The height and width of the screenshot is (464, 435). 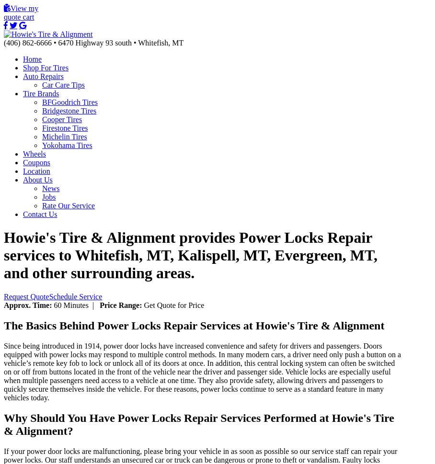 I want to click on '60 Minutes  |', so click(x=76, y=305).